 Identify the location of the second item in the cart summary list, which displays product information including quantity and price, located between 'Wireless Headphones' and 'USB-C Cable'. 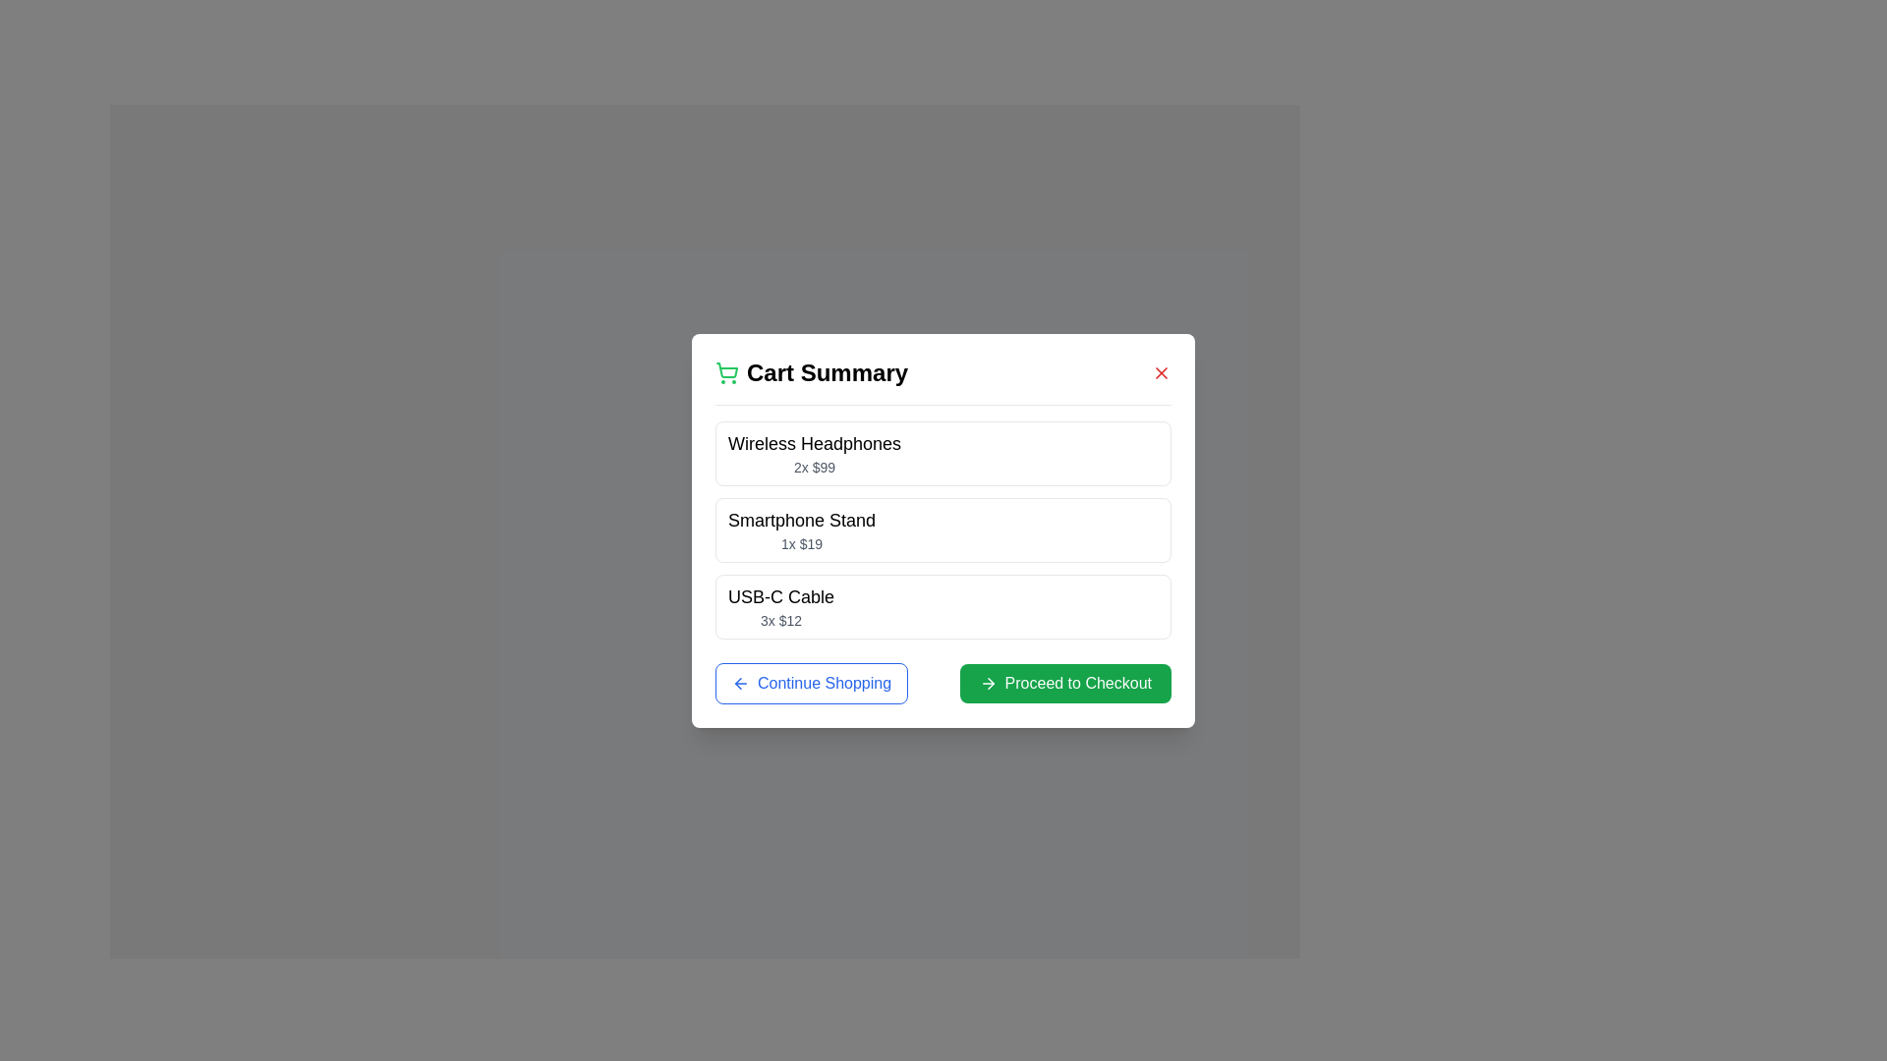
(943, 529).